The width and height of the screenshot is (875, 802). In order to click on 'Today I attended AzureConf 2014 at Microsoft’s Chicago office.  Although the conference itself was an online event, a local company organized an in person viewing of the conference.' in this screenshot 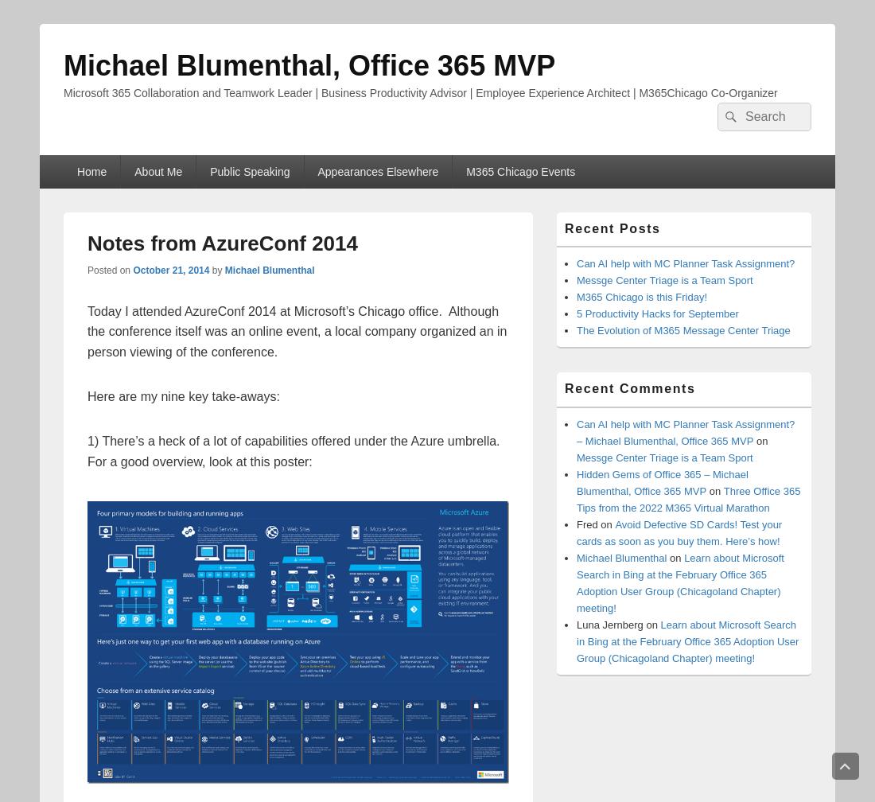, I will do `click(297, 331)`.